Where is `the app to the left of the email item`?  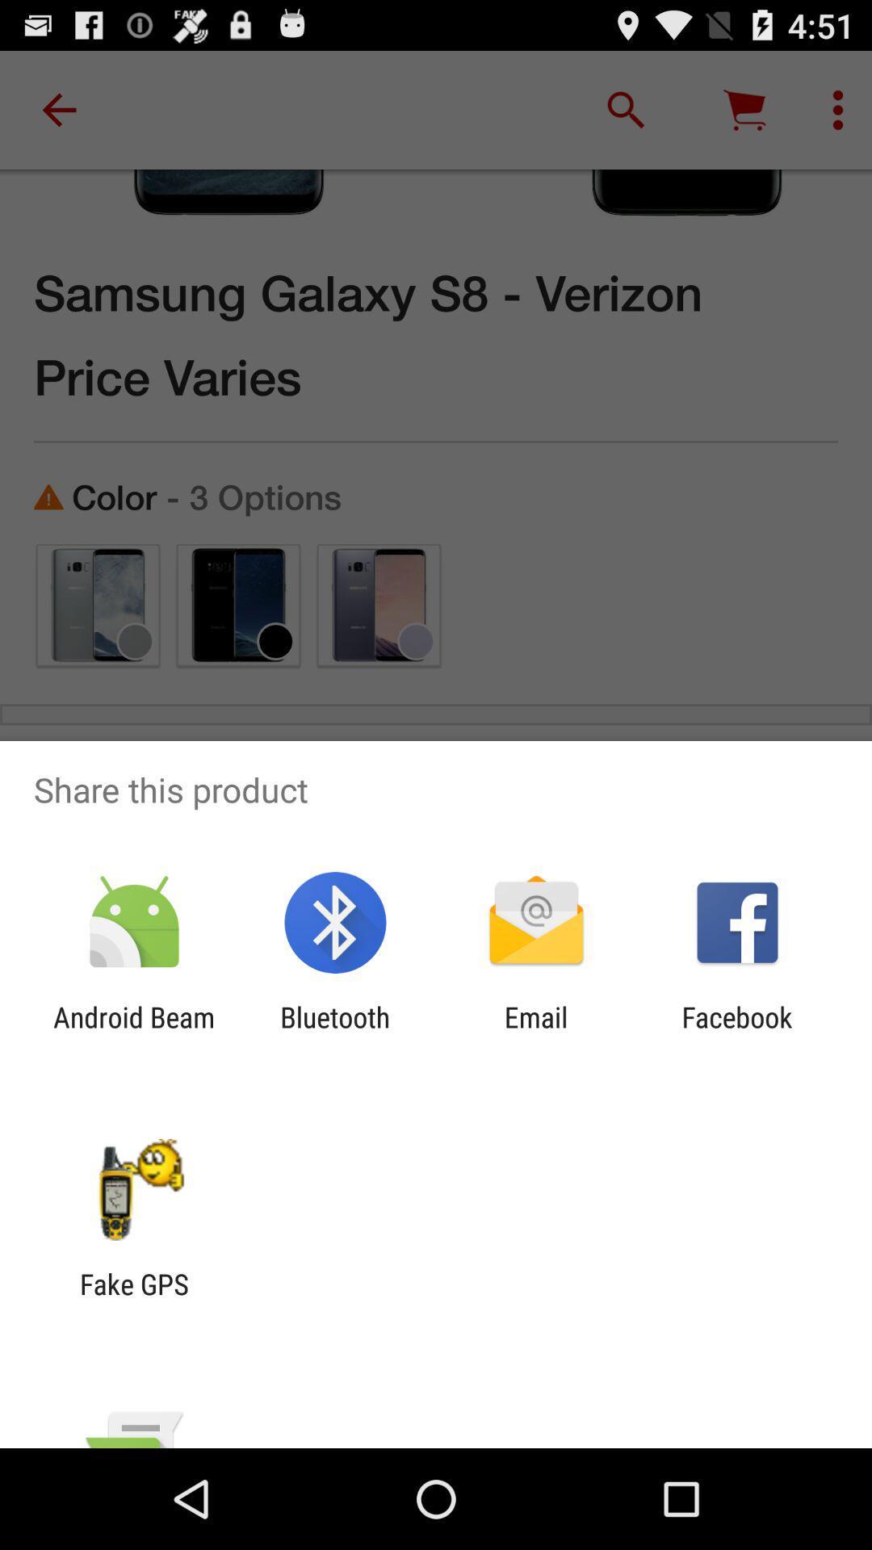 the app to the left of the email item is located at coordinates (334, 1034).